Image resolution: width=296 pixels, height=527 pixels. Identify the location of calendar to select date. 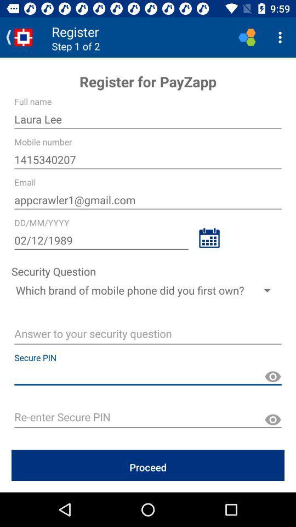
(209, 238).